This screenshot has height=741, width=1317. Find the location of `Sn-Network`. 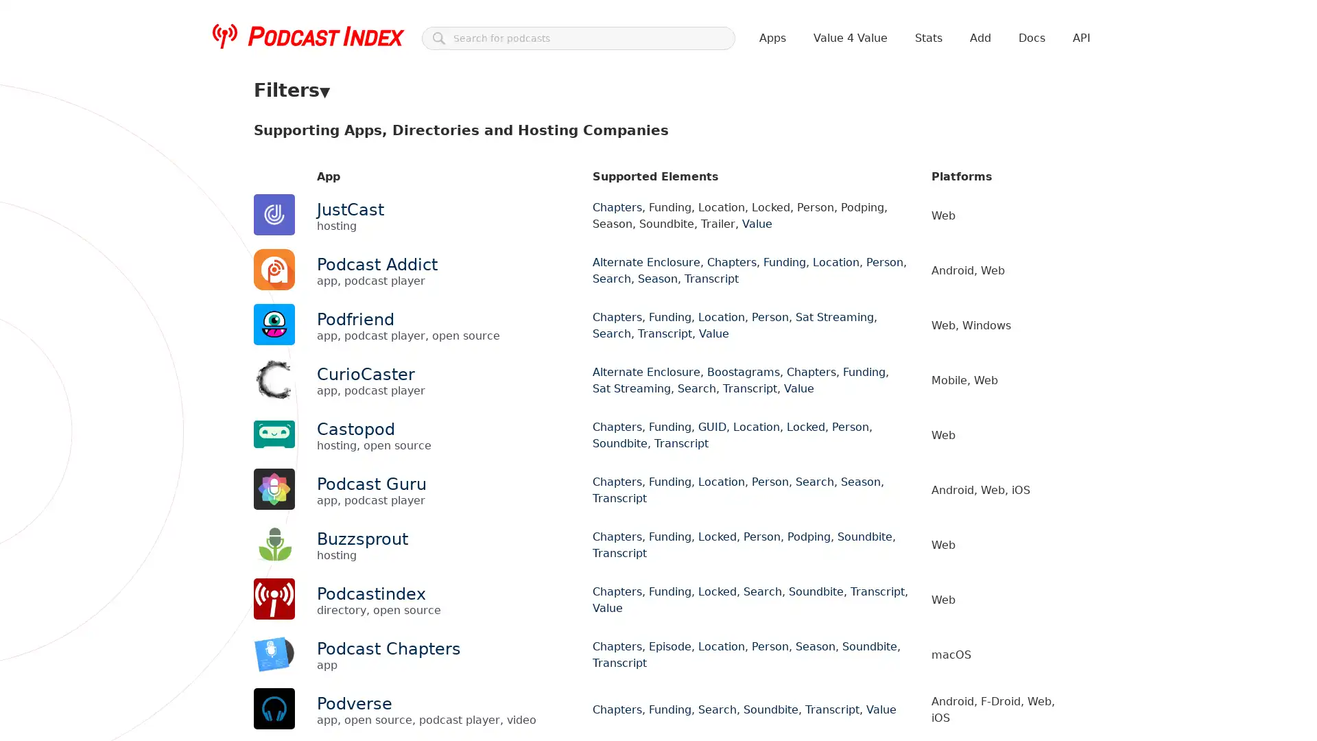

Sn-Network is located at coordinates (383, 233).